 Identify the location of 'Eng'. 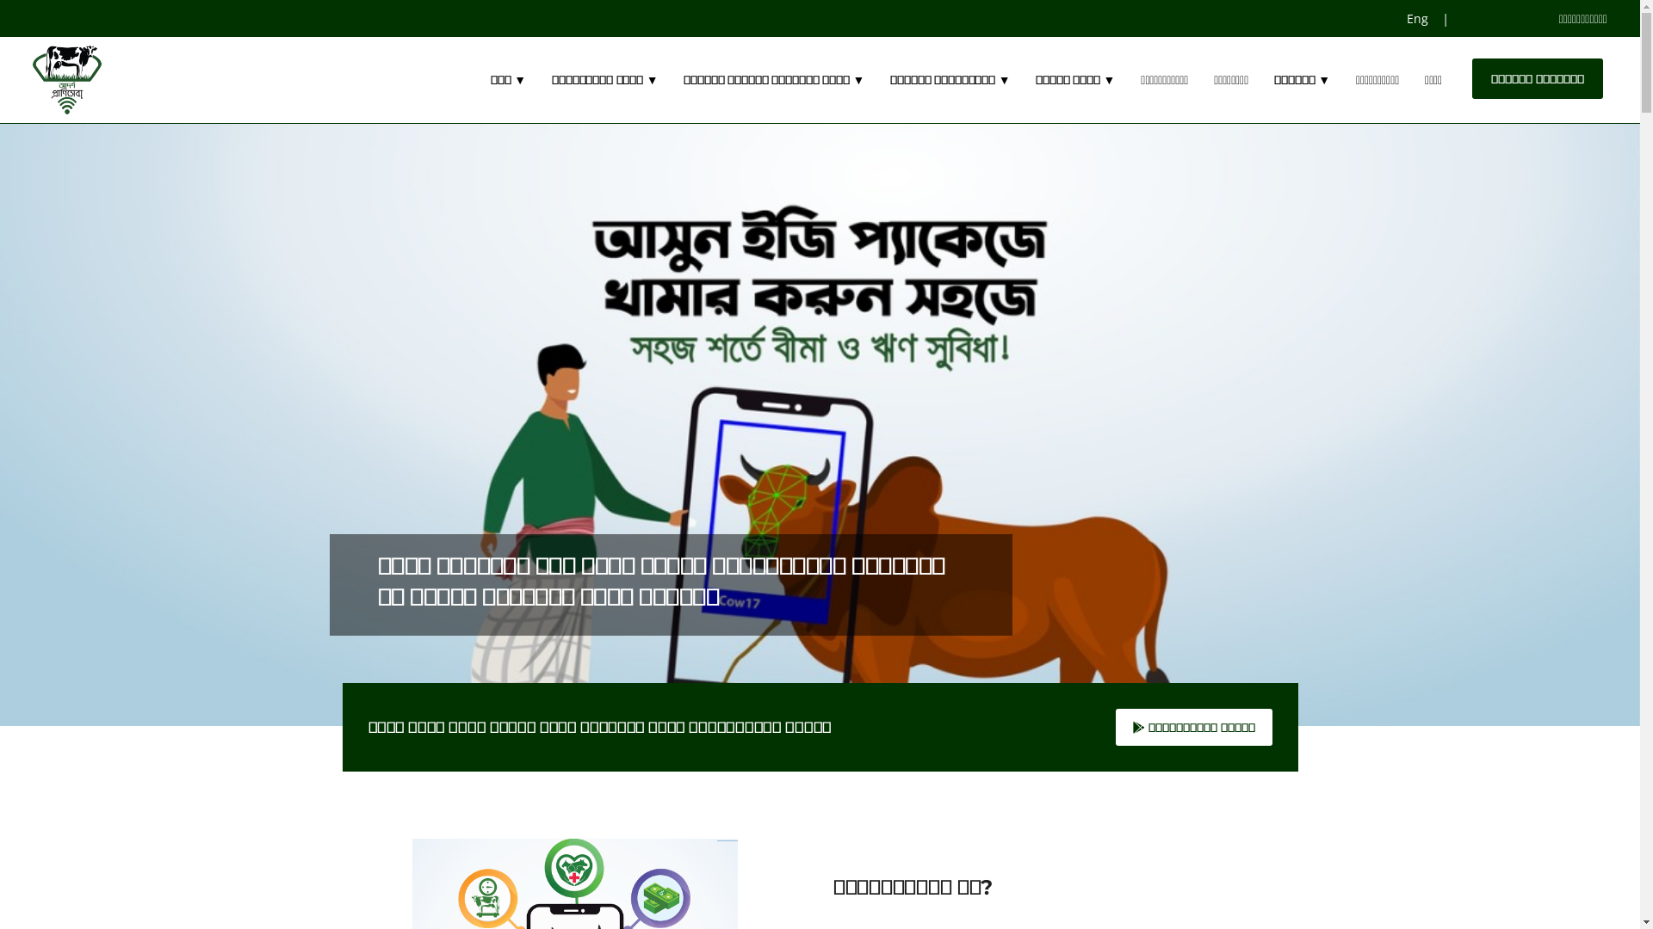
(1419, 18).